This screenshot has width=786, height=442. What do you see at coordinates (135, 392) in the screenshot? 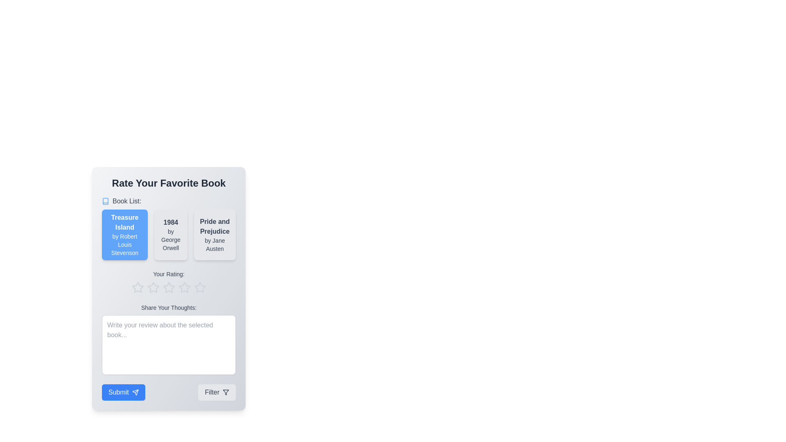
I see `the small, triangular blue icon resembling a paper plane located within the 'Submit' button at the bottom-left corner of the interface` at bounding box center [135, 392].